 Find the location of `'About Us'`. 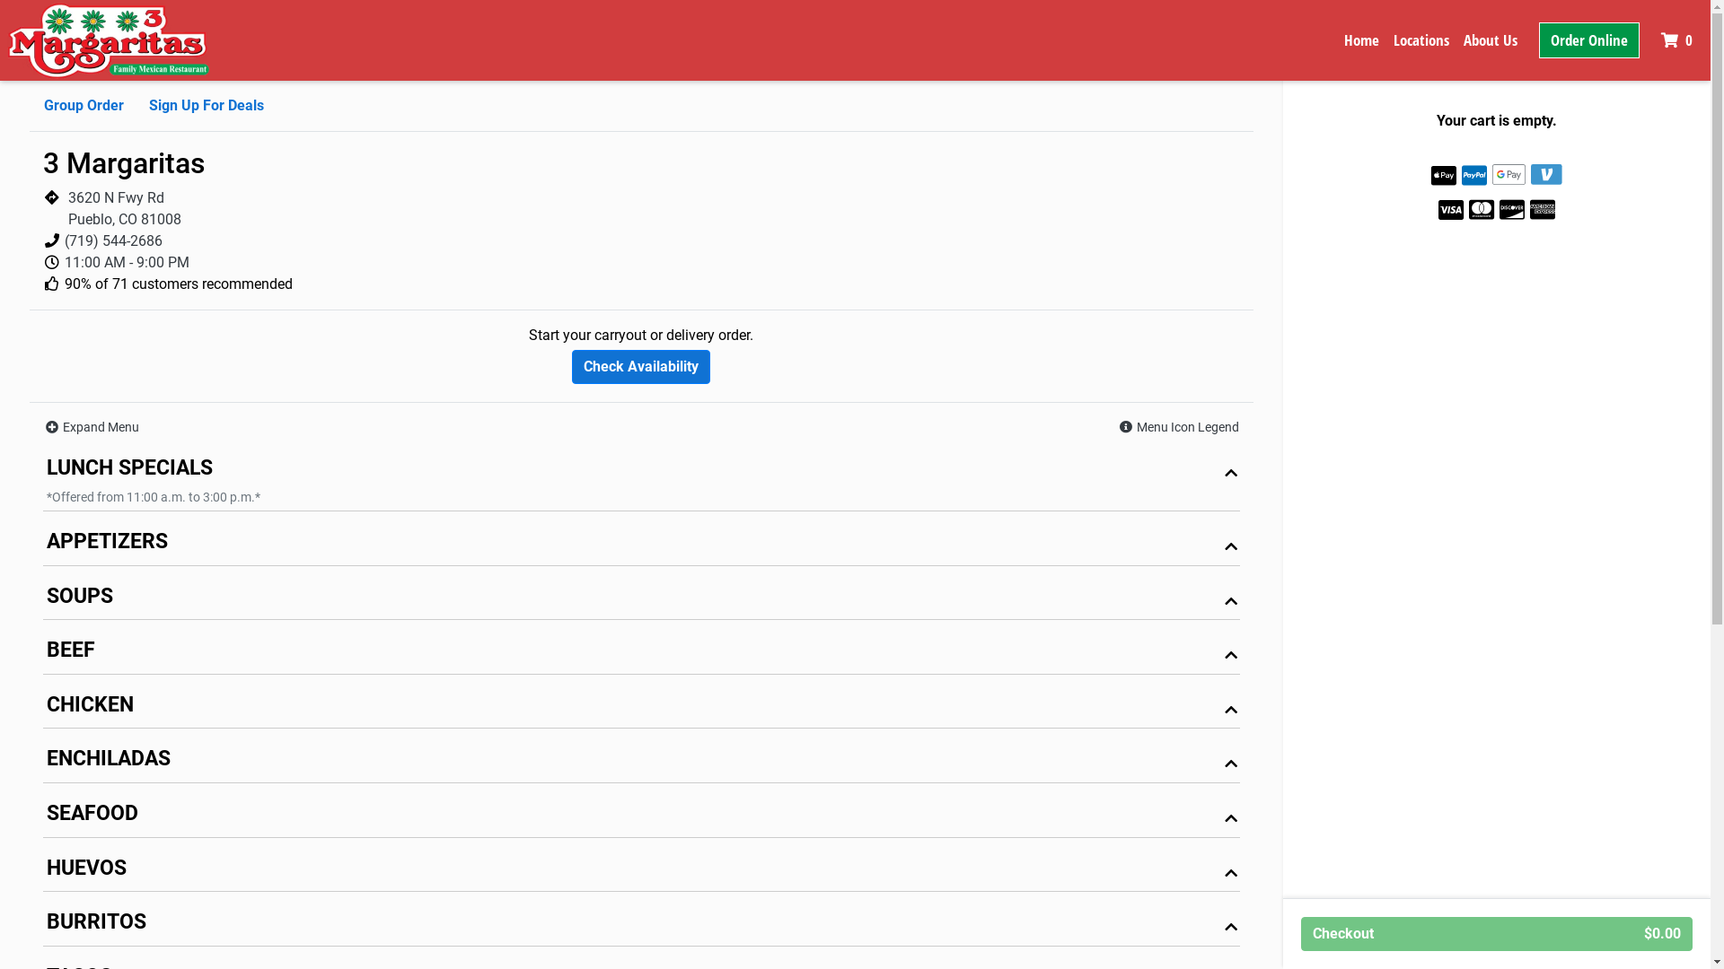

'About Us' is located at coordinates (1491, 40).